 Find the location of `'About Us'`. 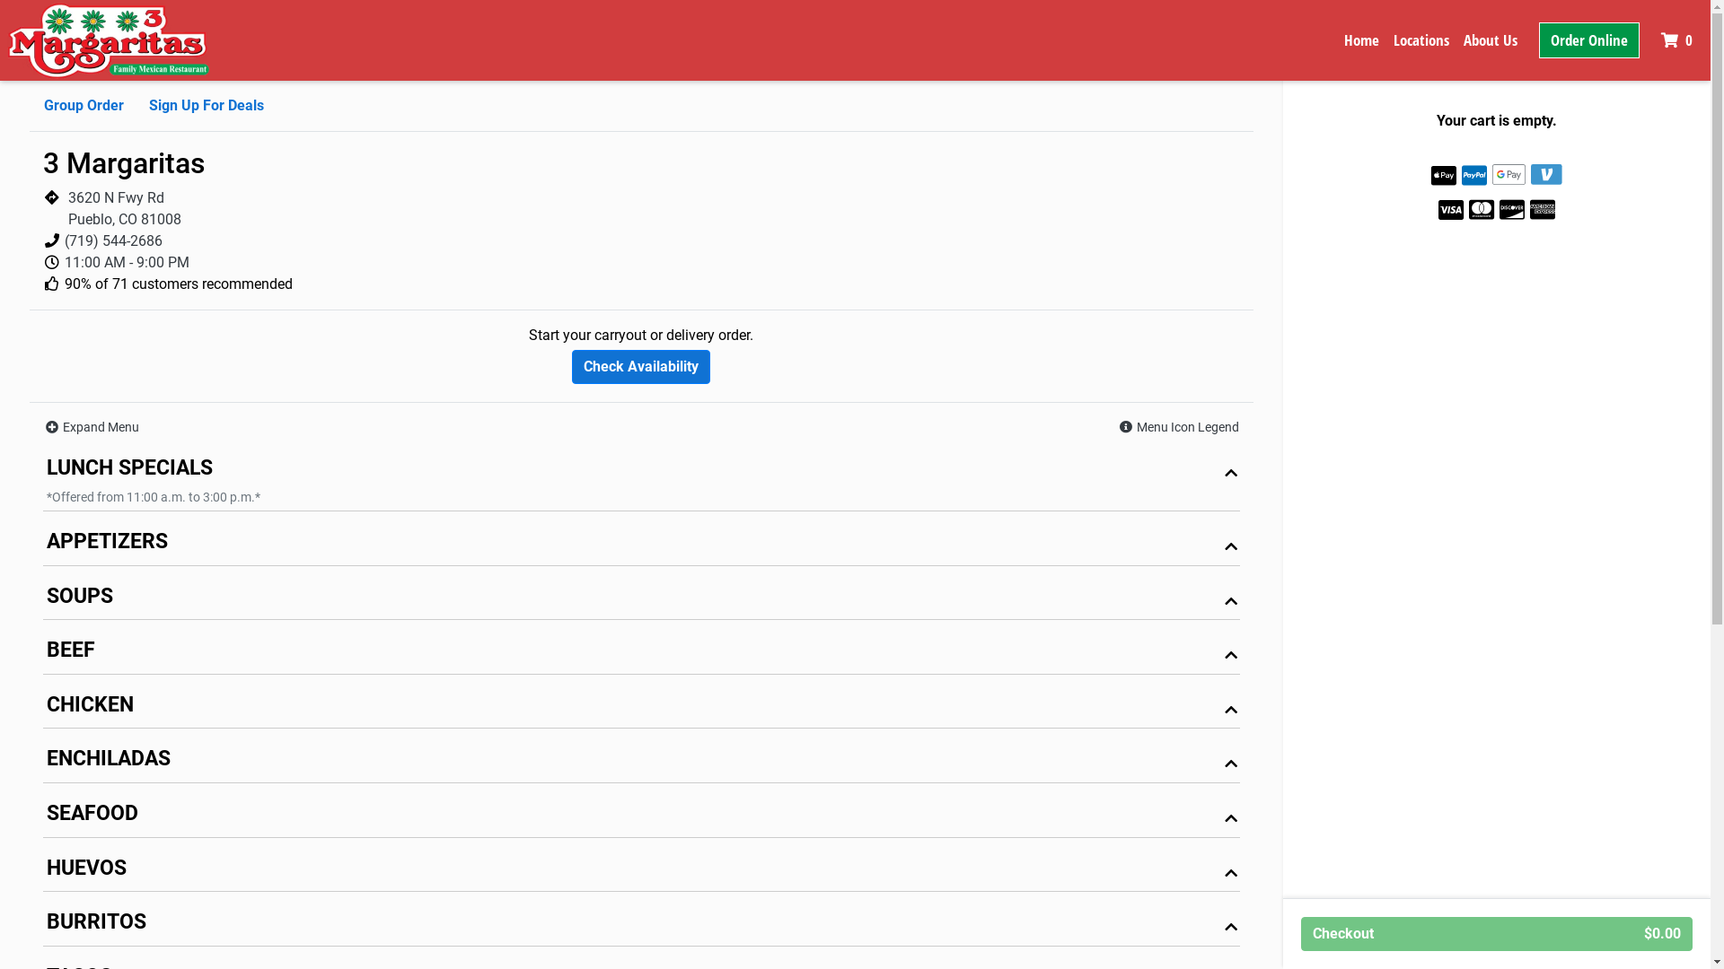

'About Us' is located at coordinates (1491, 40).